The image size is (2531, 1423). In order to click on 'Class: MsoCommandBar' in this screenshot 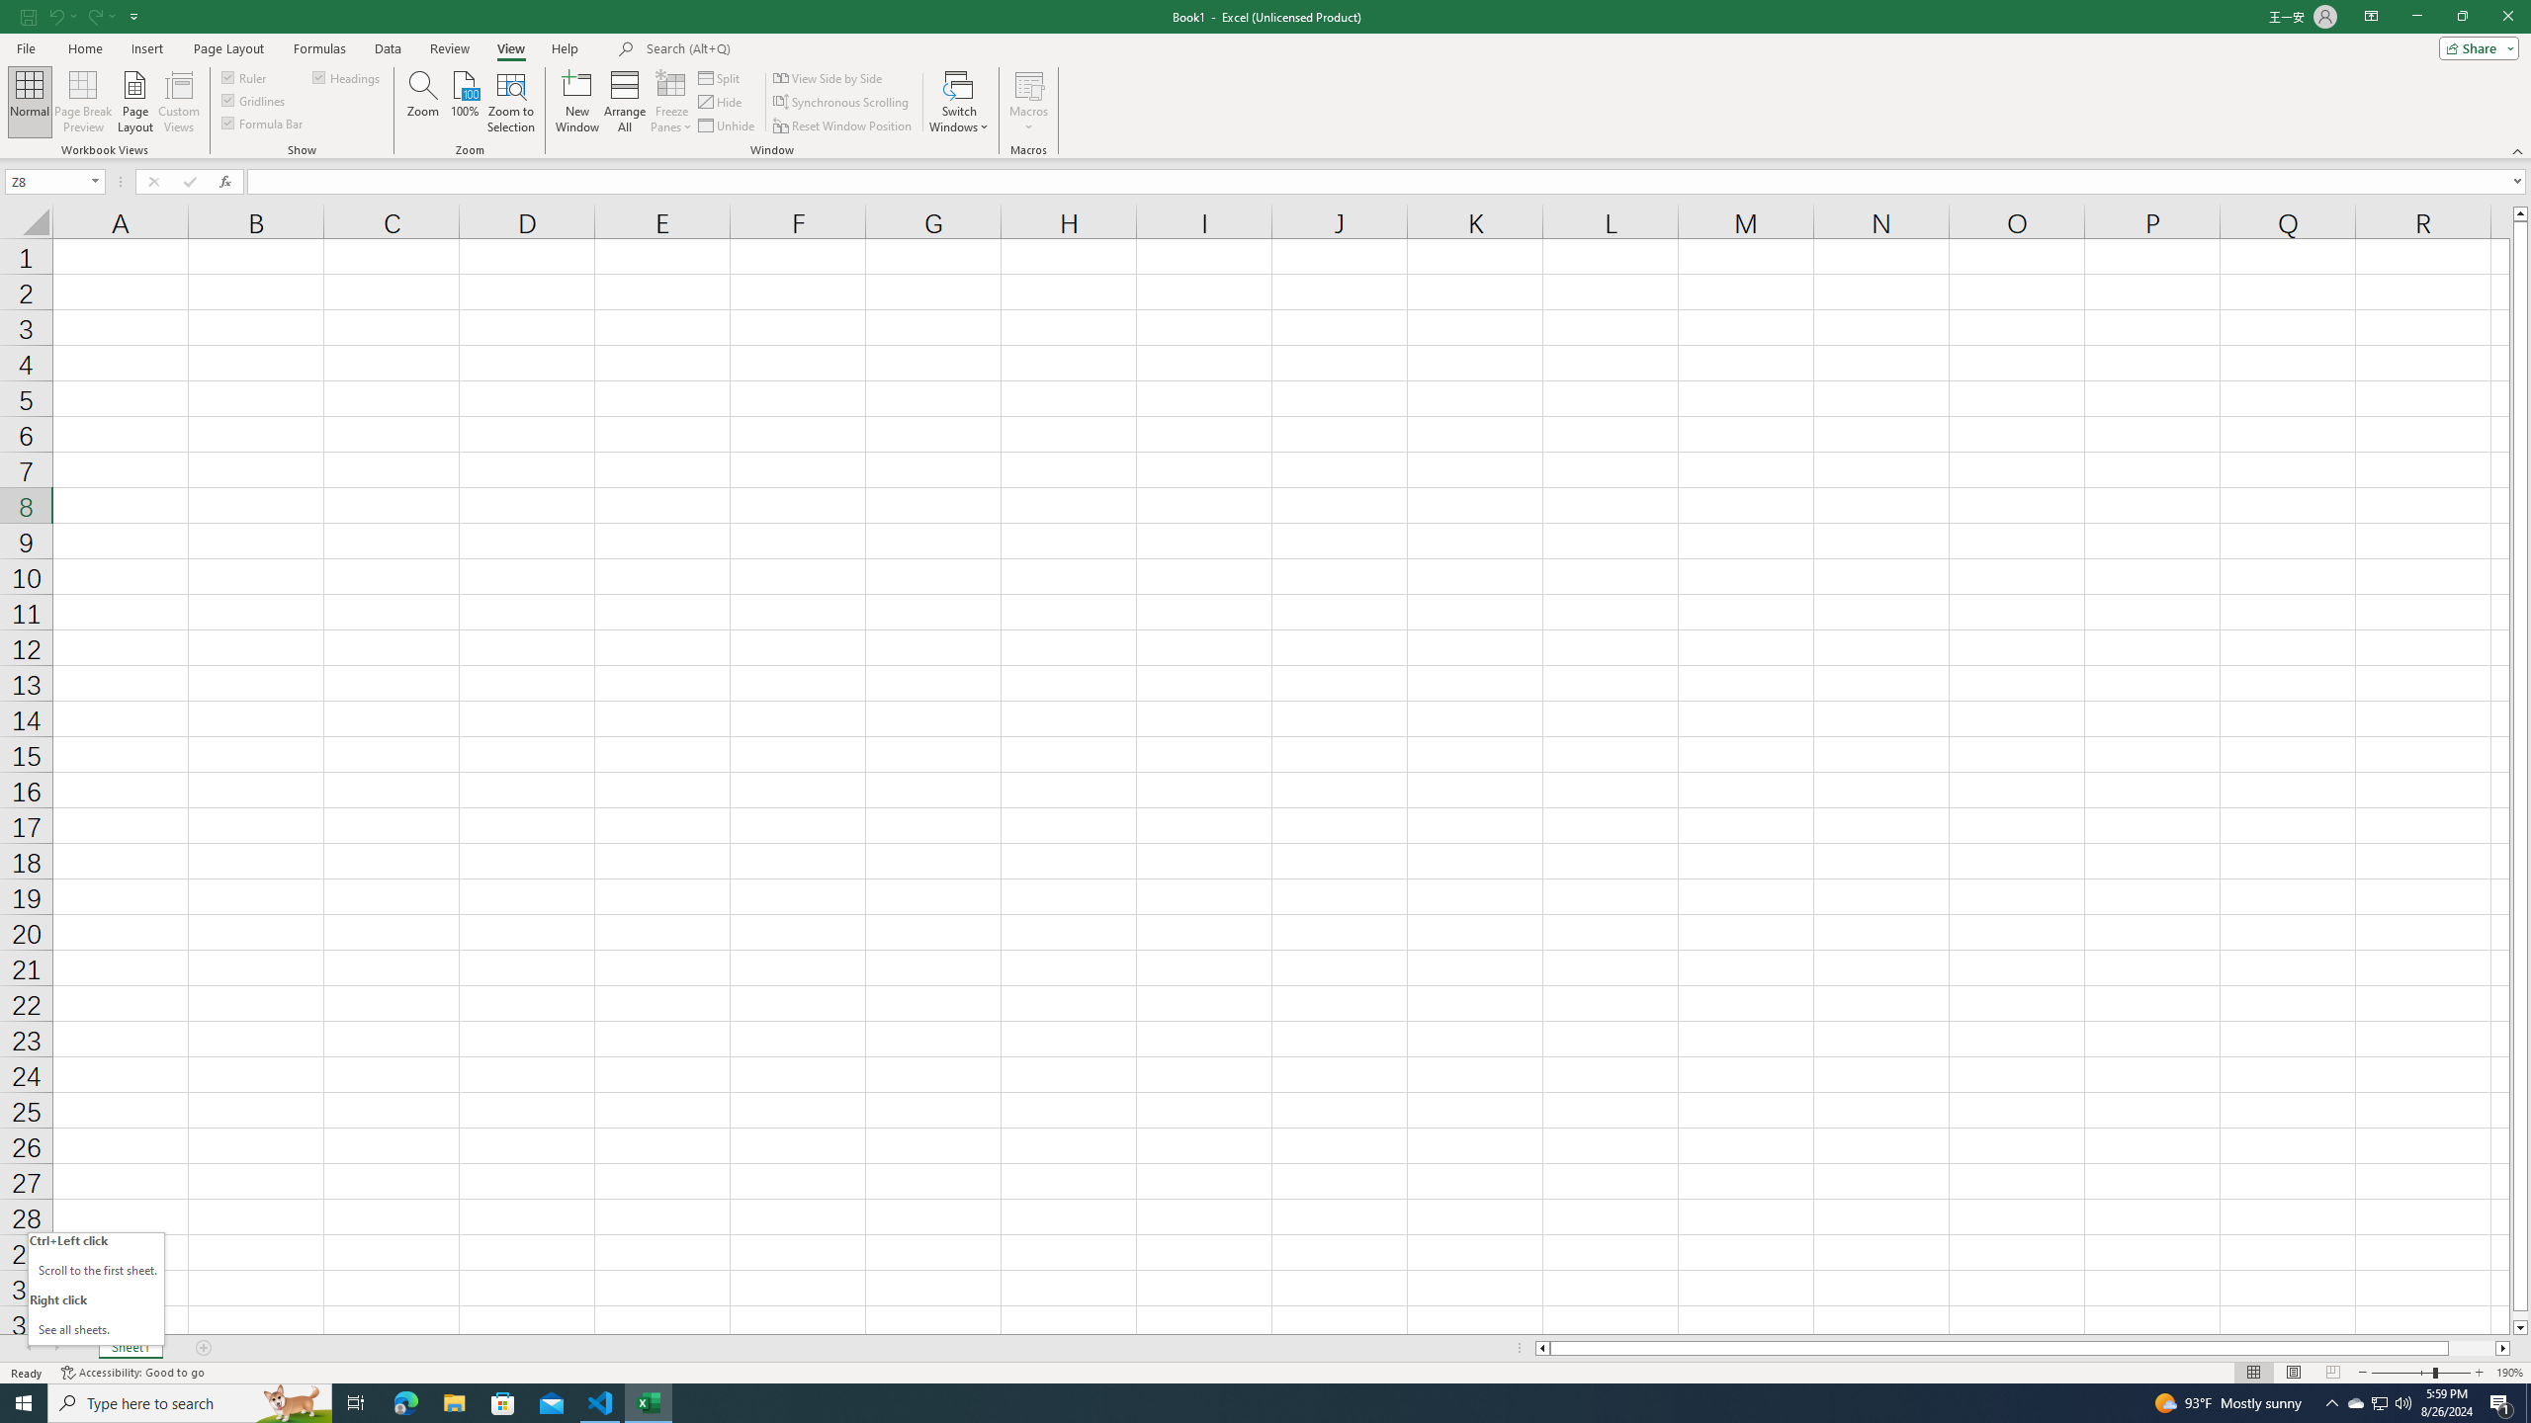, I will do `click(1265, 79)`.